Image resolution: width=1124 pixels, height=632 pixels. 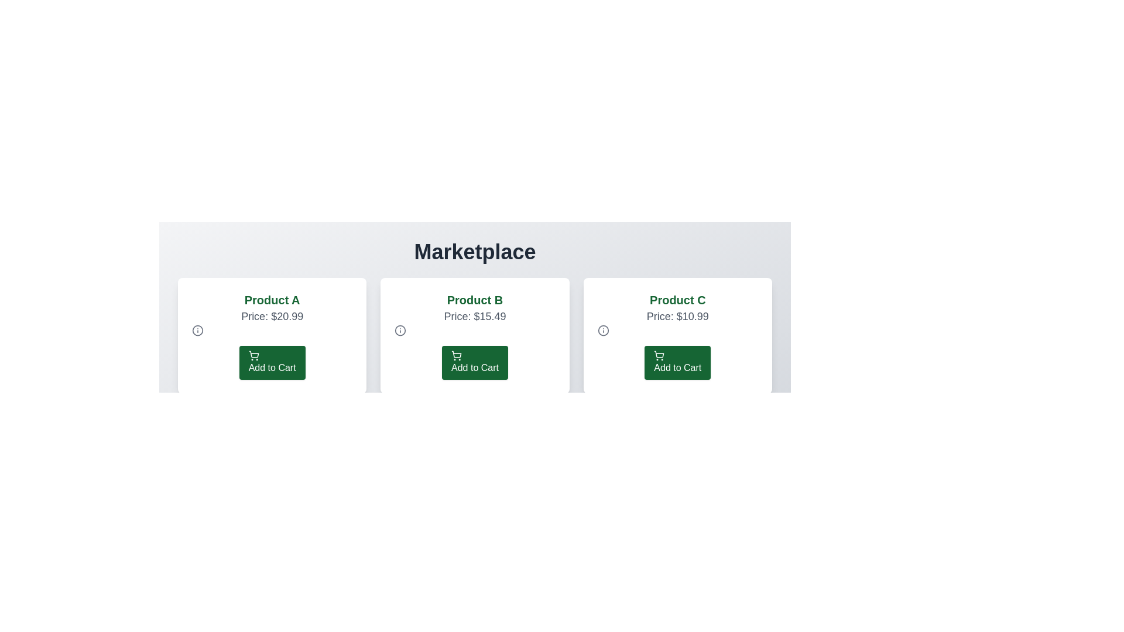 What do you see at coordinates (272, 300) in the screenshot?
I see `the Text label displaying 'Product A' in the first product card on the leftmost side of the row` at bounding box center [272, 300].